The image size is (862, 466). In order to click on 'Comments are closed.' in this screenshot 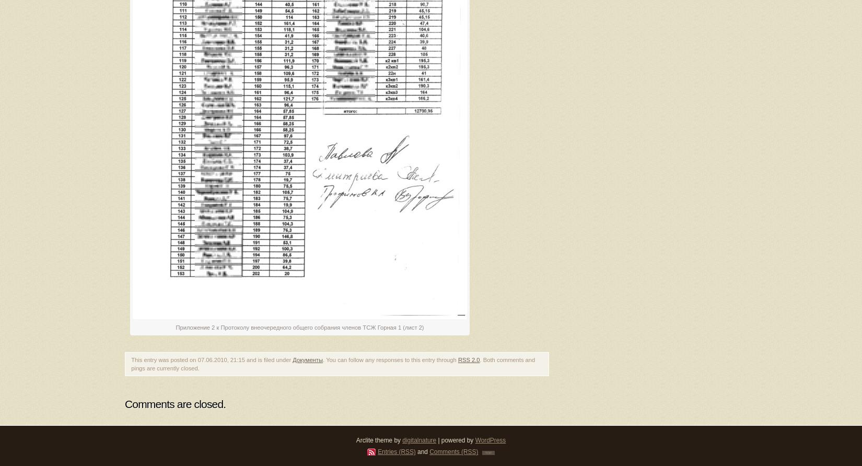, I will do `click(175, 403)`.